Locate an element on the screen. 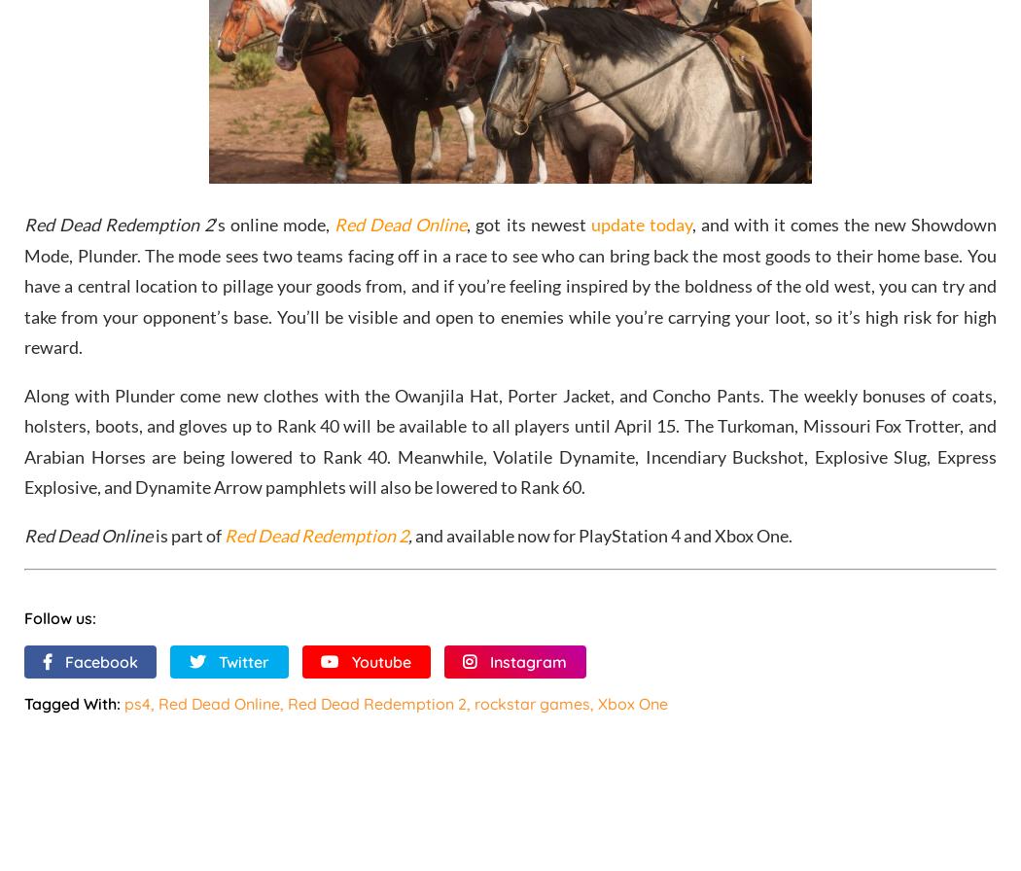 This screenshot has height=871, width=1021. 'Youtube' is located at coordinates (351, 660).